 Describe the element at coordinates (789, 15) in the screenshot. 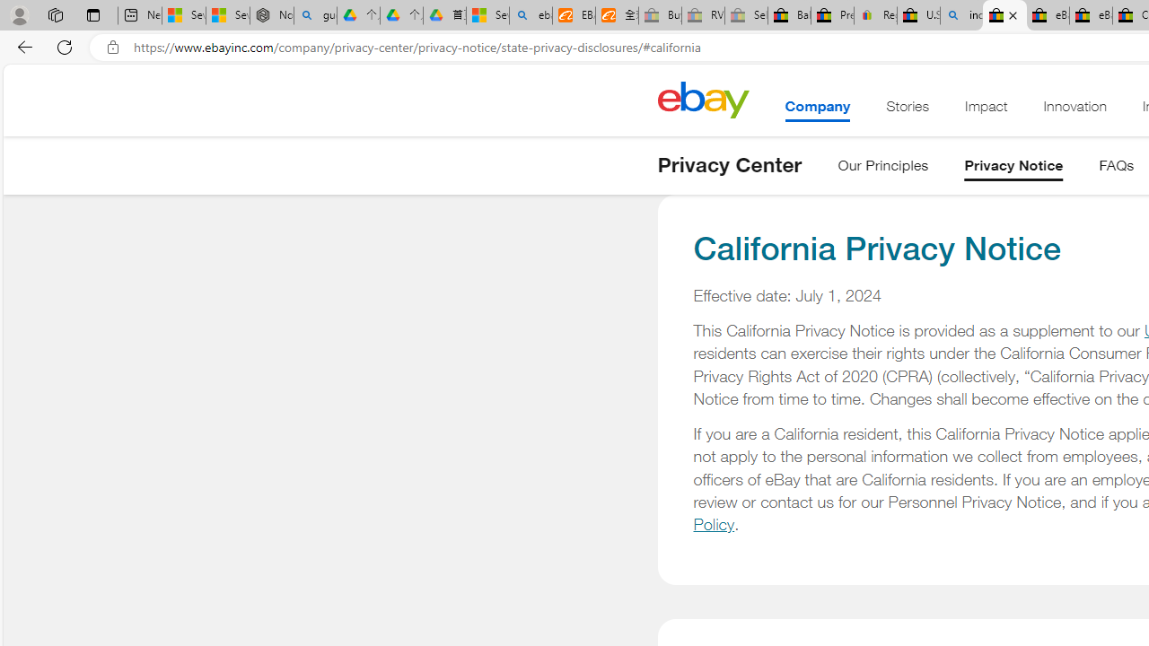

I see `'Baby Keepsakes & Announcements for sale | eBay'` at that location.